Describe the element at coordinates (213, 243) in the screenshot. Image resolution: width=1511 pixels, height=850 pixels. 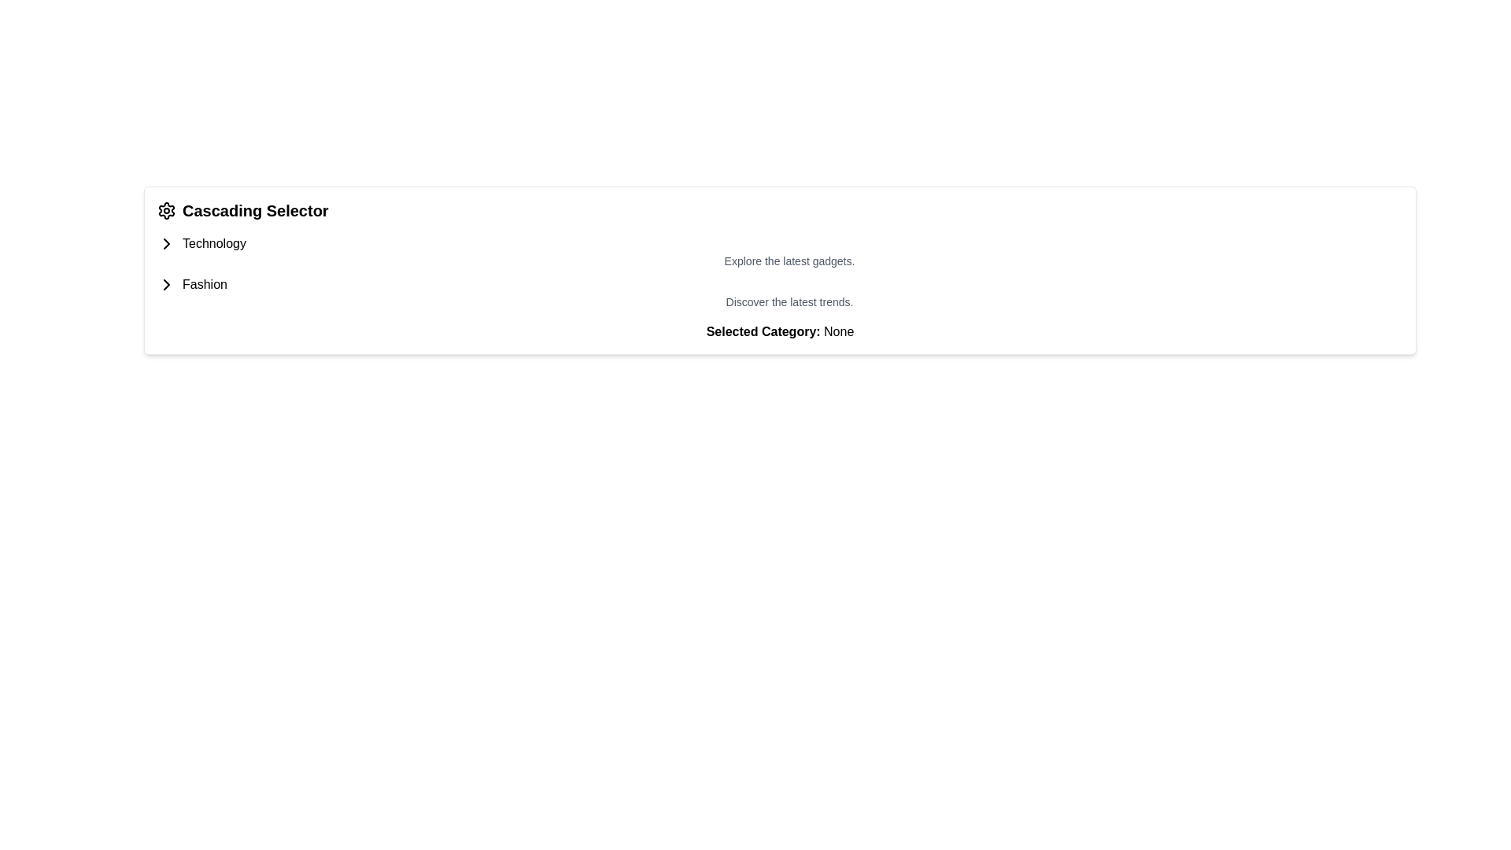
I see `the 'Technology' category text element in the cascading navigation menu` at that location.